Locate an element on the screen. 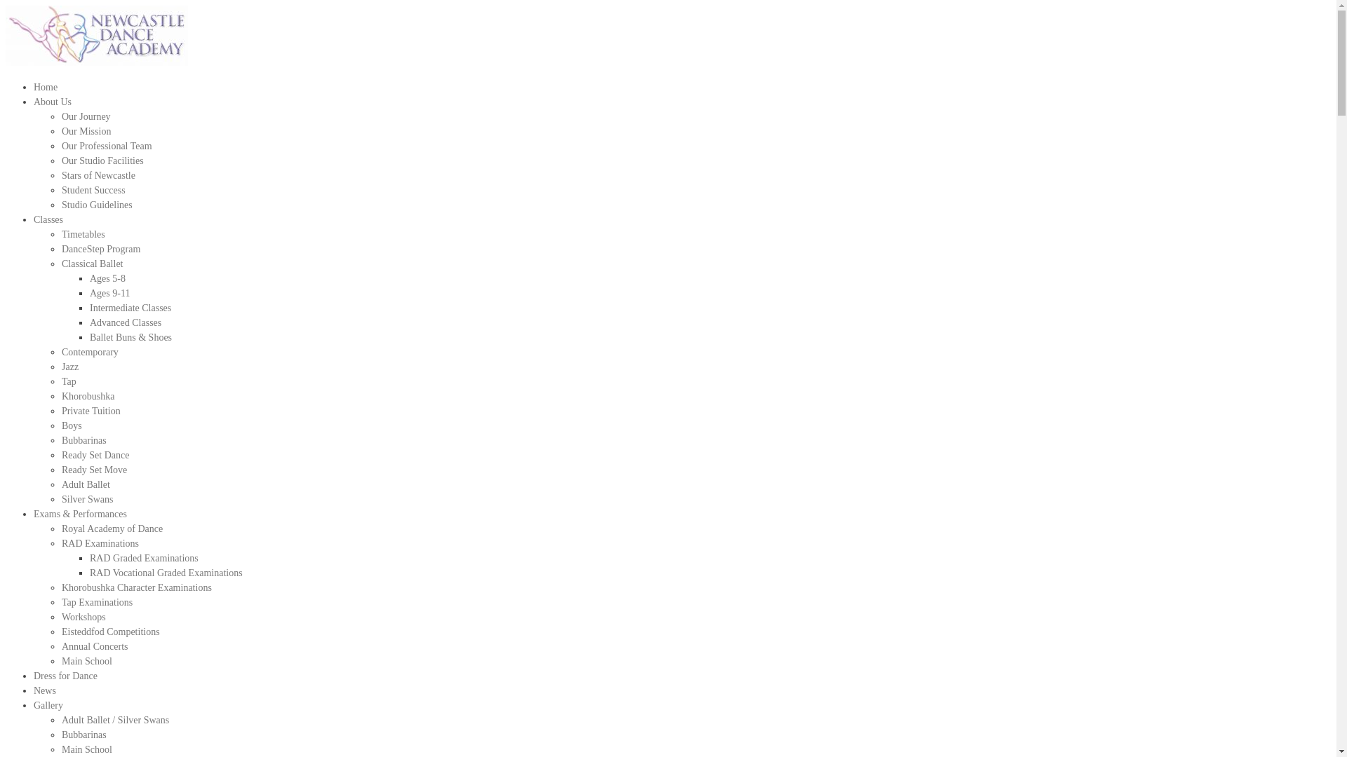 This screenshot has height=757, width=1347. 'Intermediate Classes' is located at coordinates (130, 307).